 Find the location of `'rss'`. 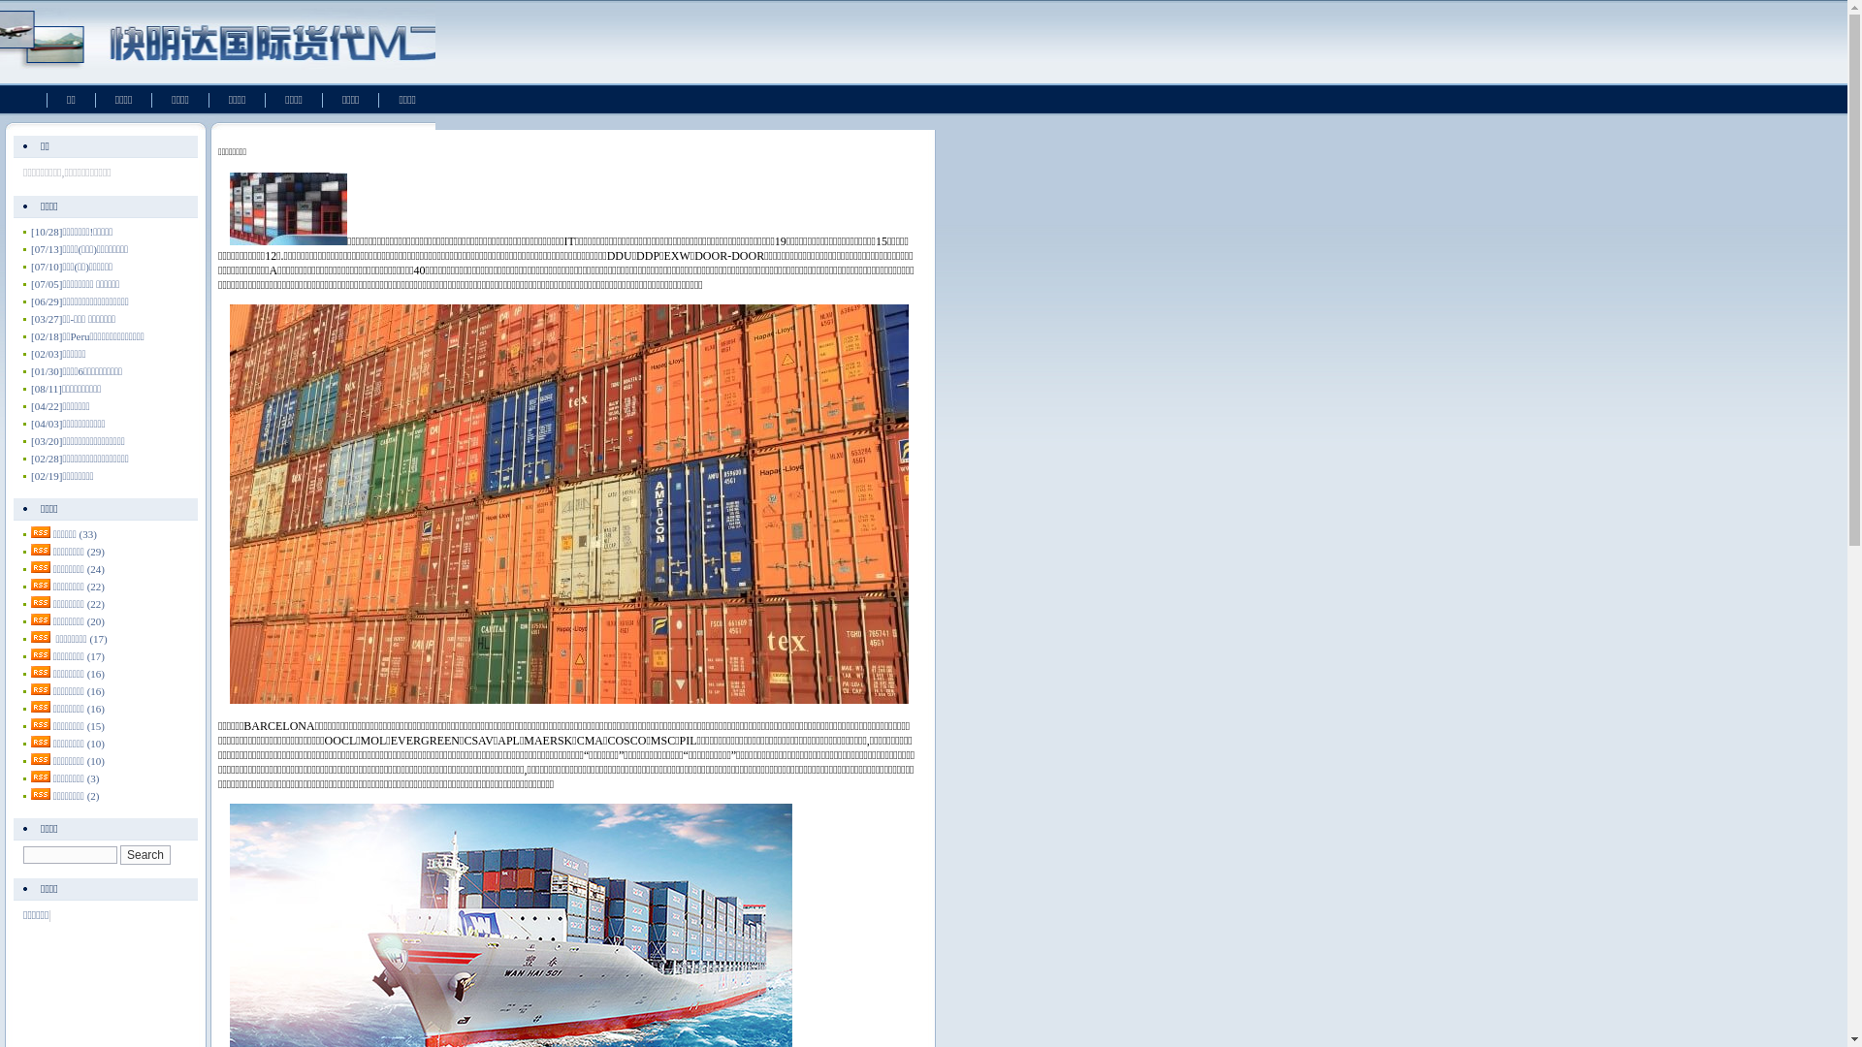

'rss' is located at coordinates (41, 636).